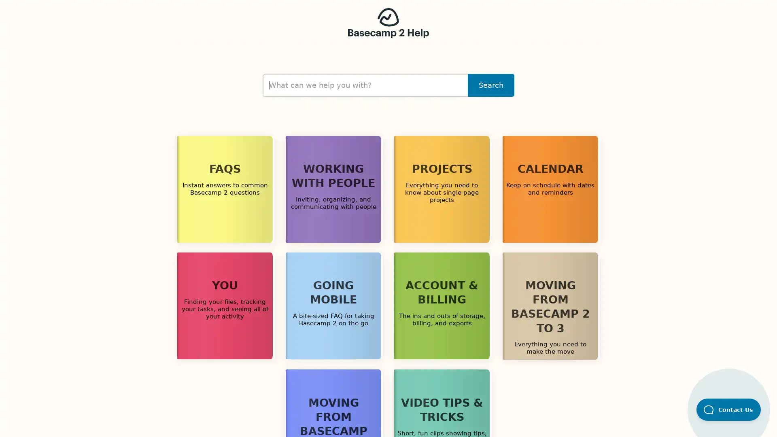 This screenshot has height=437, width=777. I want to click on Search, so click(490, 85).